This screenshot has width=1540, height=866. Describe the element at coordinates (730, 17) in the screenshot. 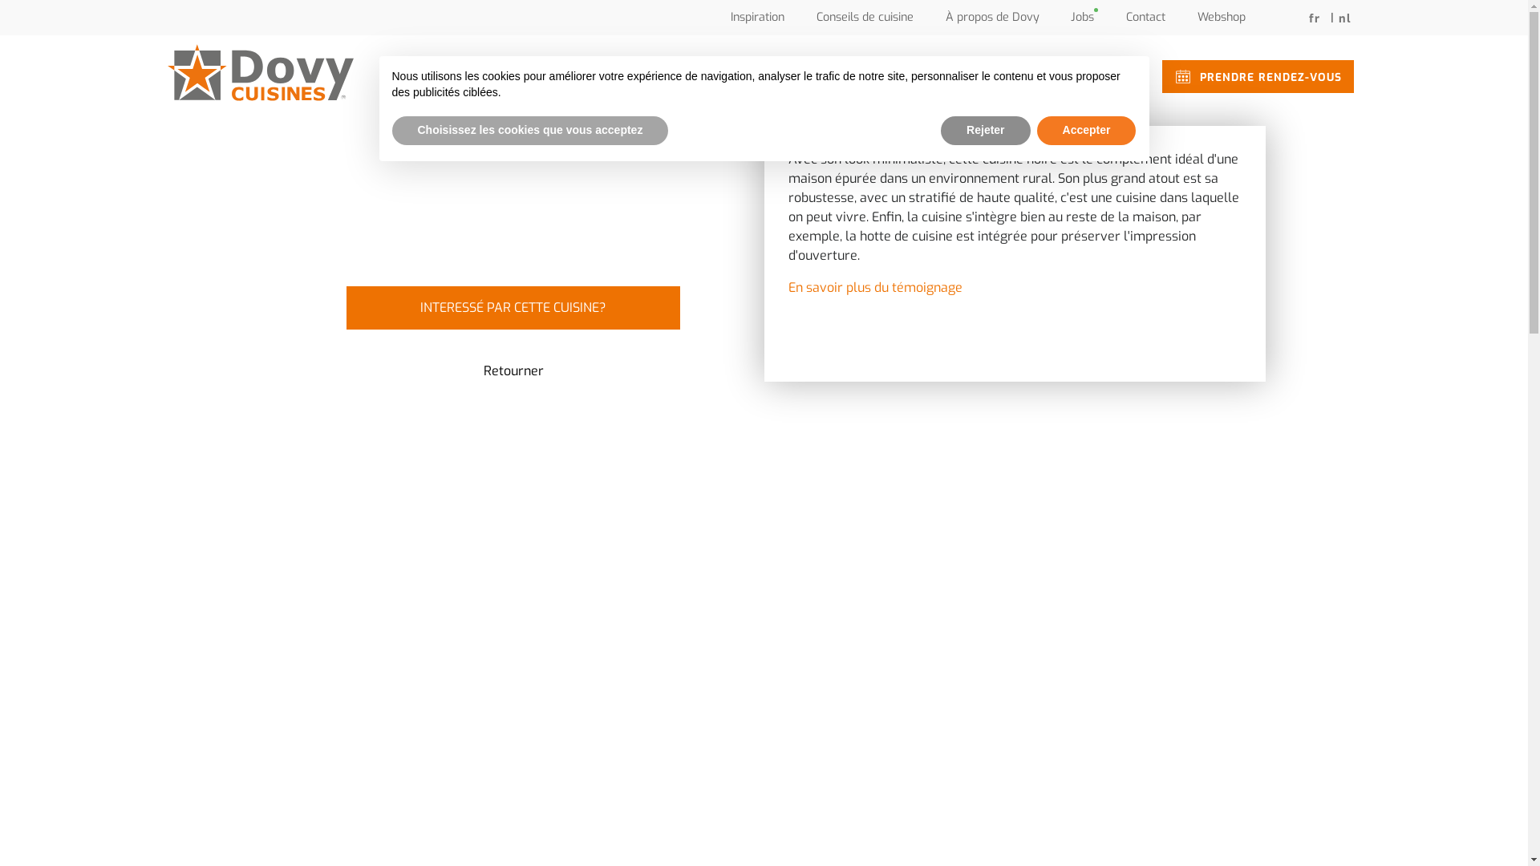

I see `'Inspiration'` at that location.